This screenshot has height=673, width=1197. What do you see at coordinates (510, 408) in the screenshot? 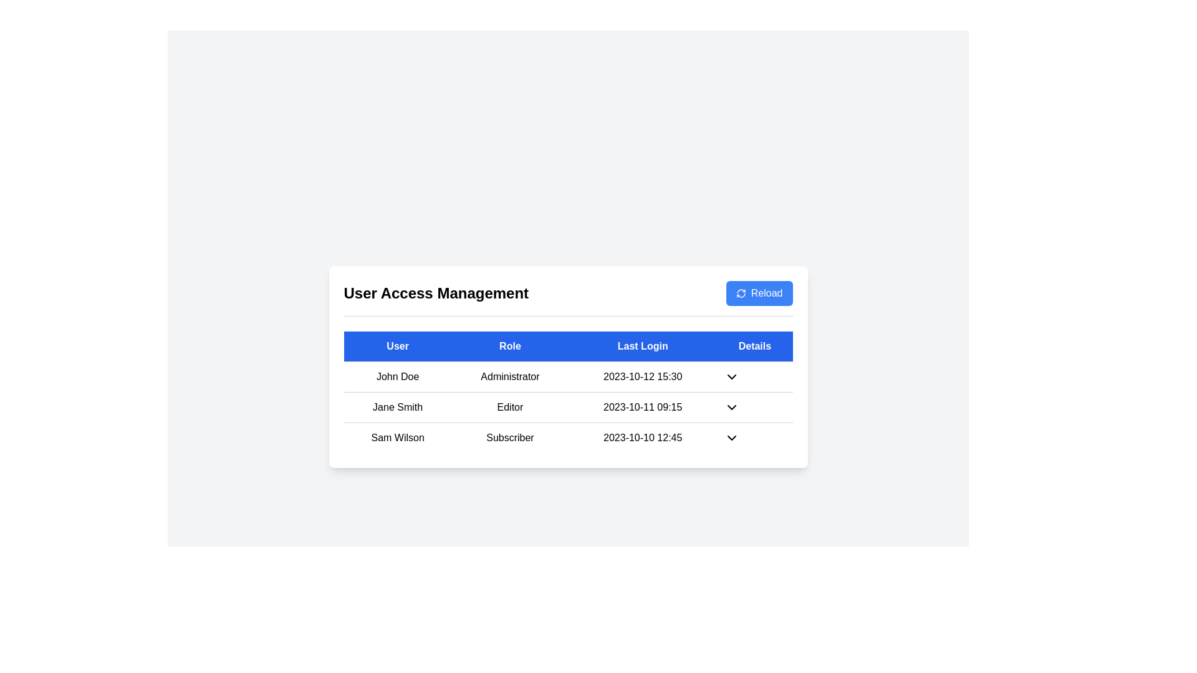
I see `the static text element displaying 'Editor', which is located in the 'Role' column of the row associated with 'Jane Smith'` at bounding box center [510, 408].